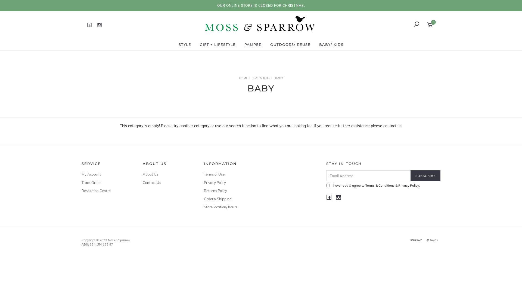 The height and width of the screenshot is (293, 522). What do you see at coordinates (167, 174) in the screenshot?
I see `'About Us'` at bounding box center [167, 174].